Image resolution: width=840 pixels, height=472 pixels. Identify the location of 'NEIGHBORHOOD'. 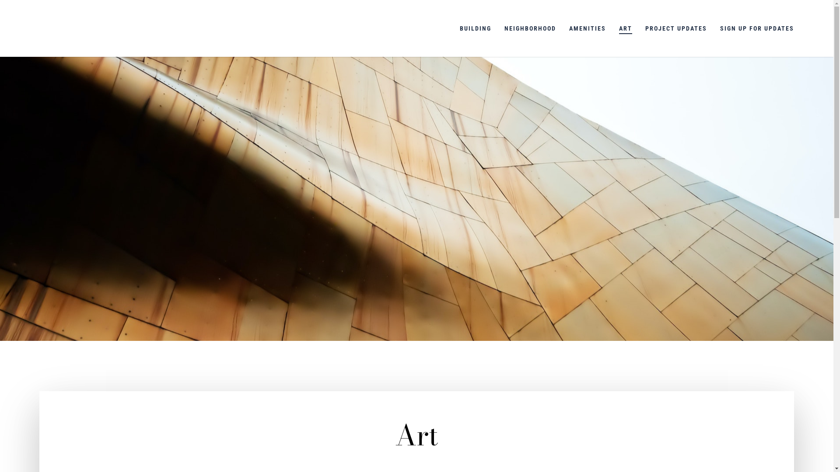
(529, 28).